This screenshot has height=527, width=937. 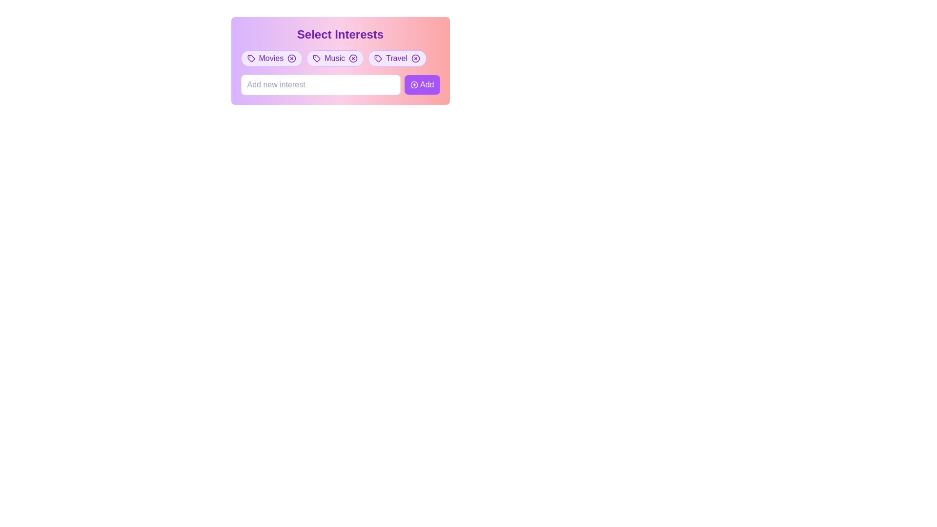 What do you see at coordinates (340, 58) in the screenshot?
I see `the 'Music' tag, which is the second tag in a horizontal layout of three tags (Movies, Music, Travel) with a purple background and rounded corners` at bounding box center [340, 58].